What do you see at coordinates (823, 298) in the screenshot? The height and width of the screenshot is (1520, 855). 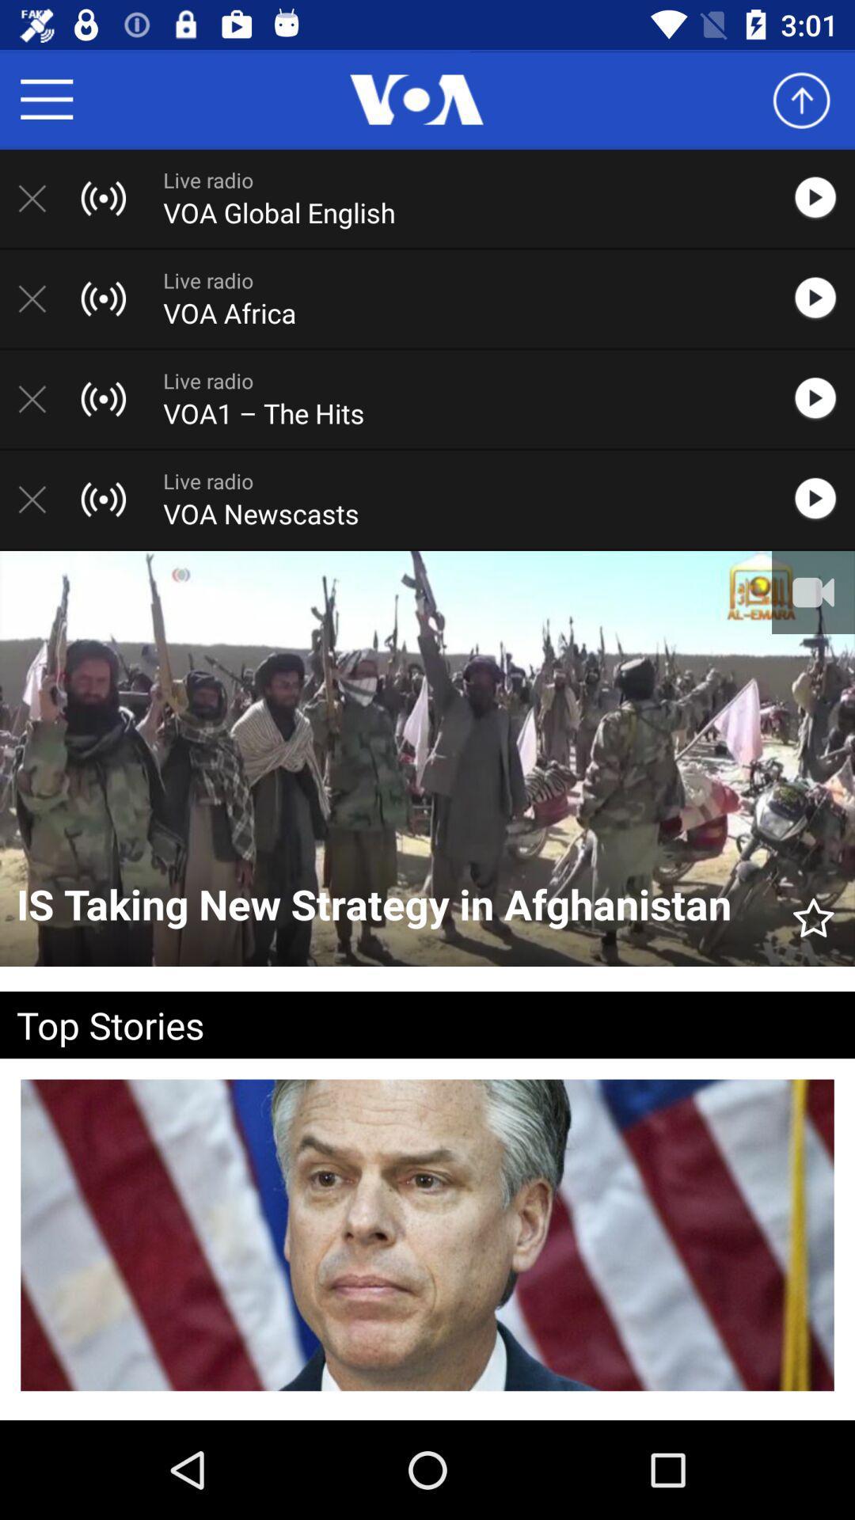 I see `the play icon` at bounding box center [823, 298].